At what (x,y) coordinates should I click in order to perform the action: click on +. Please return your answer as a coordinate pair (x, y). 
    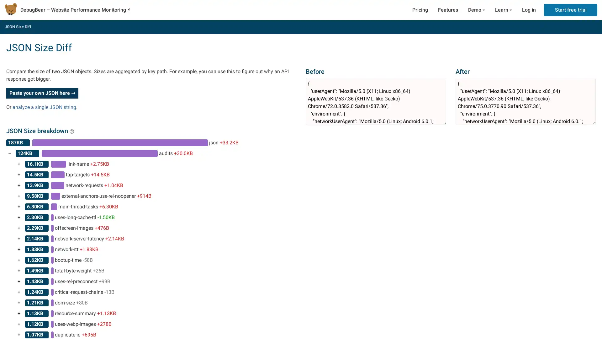
    Looking at the image, I should click on (19, 239).